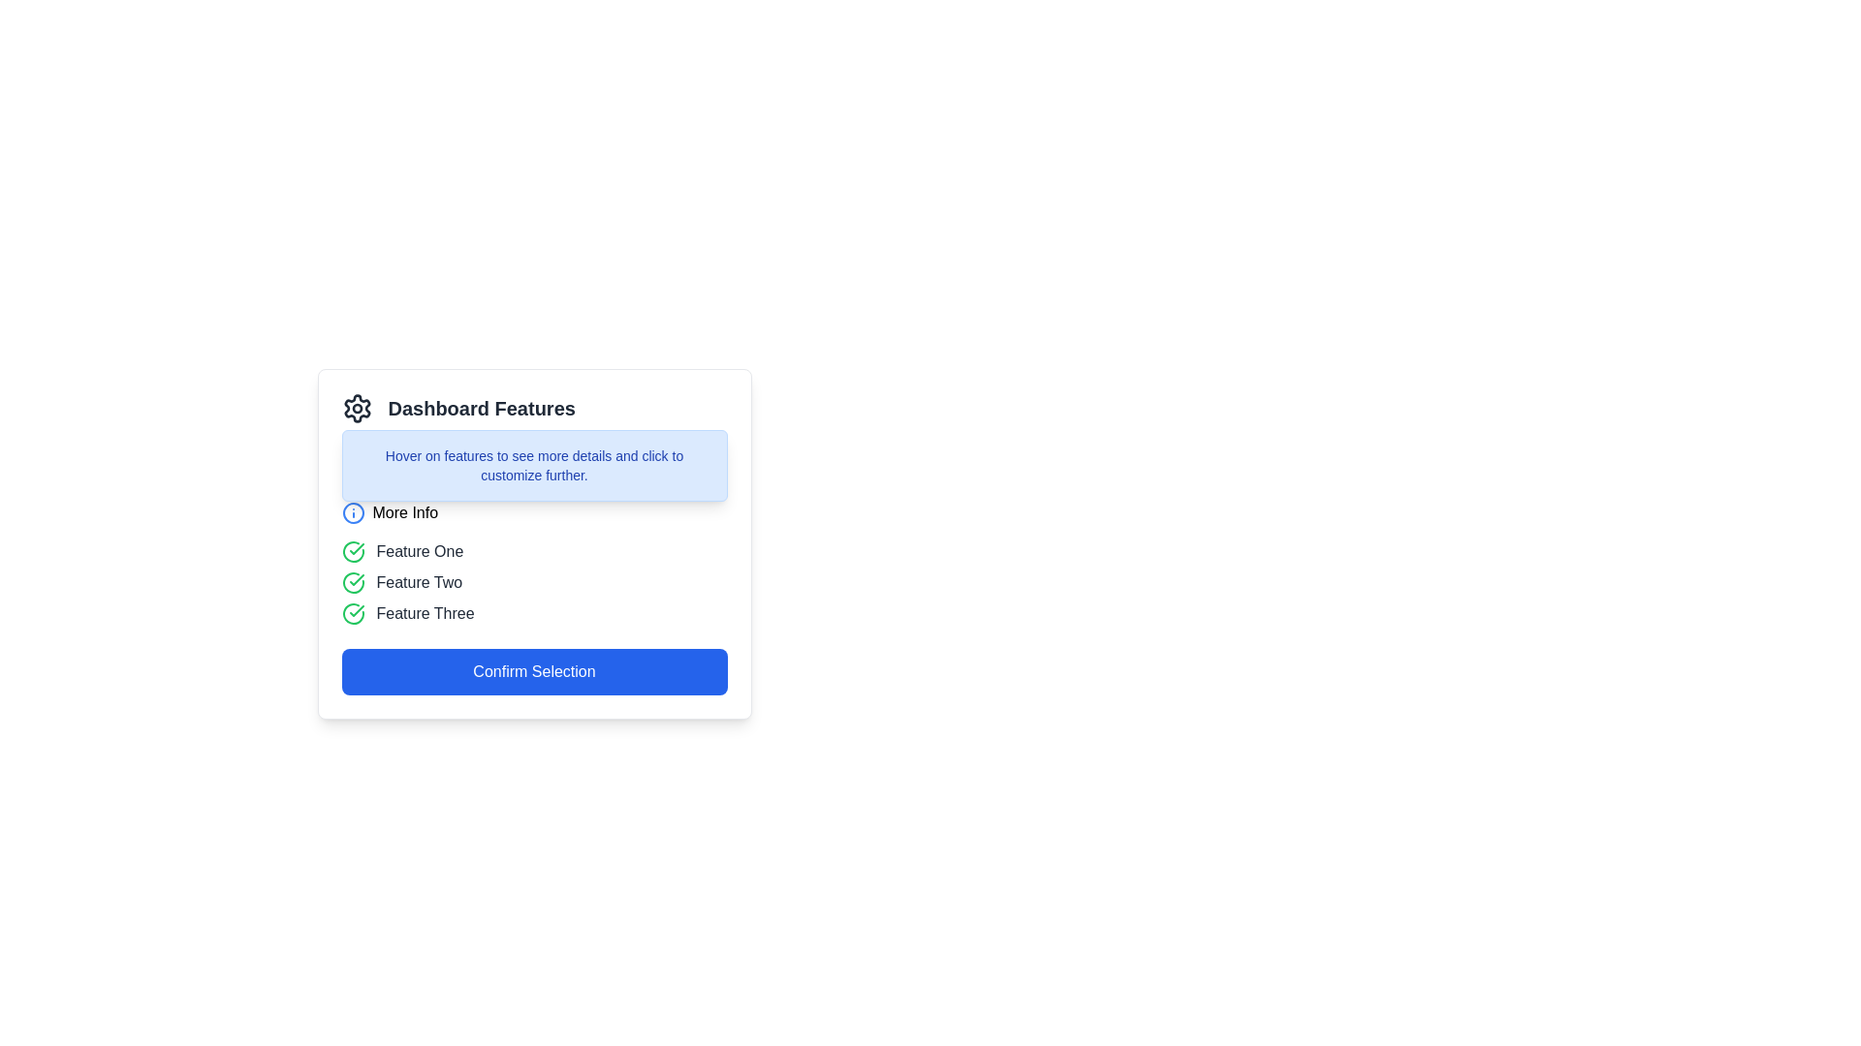  I want to click on the text label displaying 'Feature Three' which is prominently styled in dark gray, located in the third position of the feature list, so click(425, 613).